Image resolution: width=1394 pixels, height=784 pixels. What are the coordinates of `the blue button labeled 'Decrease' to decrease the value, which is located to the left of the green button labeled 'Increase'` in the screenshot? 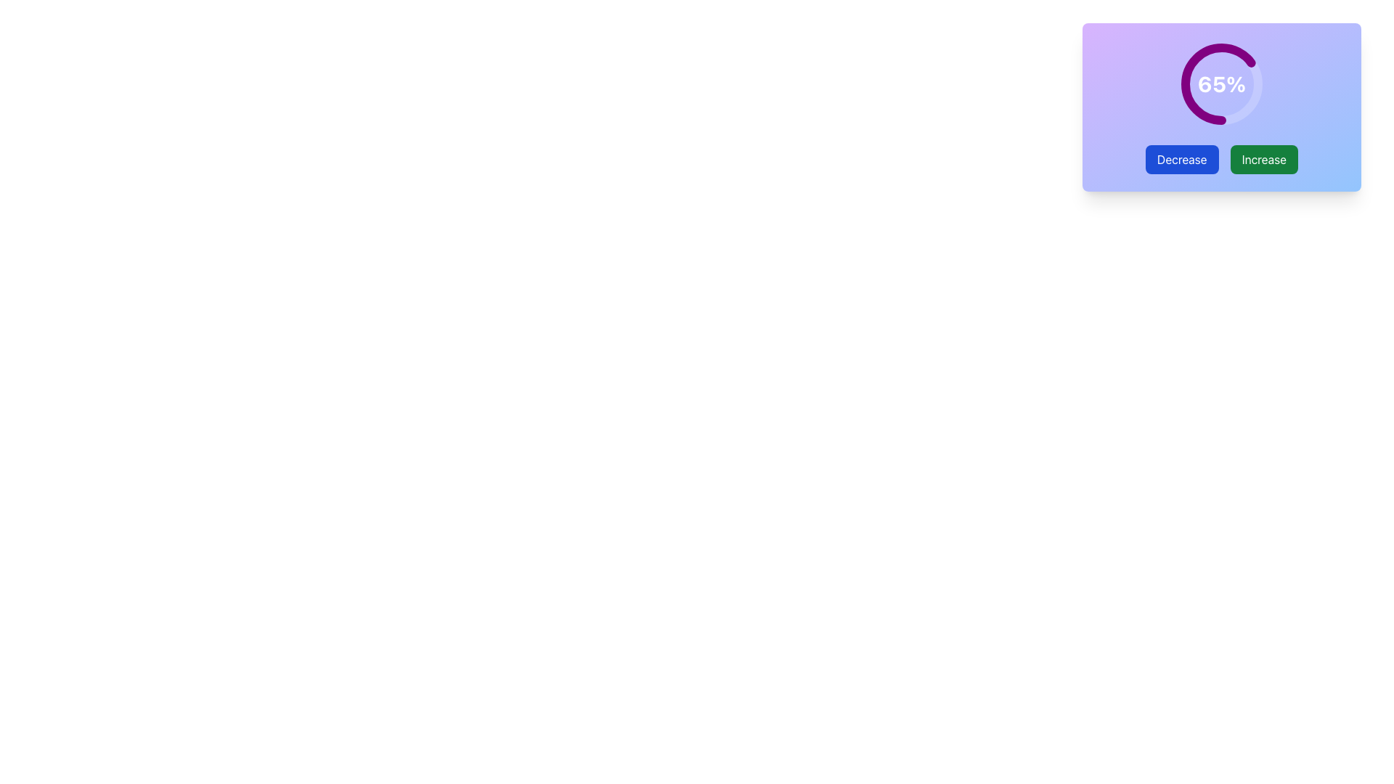 It's located at (1182, 159).